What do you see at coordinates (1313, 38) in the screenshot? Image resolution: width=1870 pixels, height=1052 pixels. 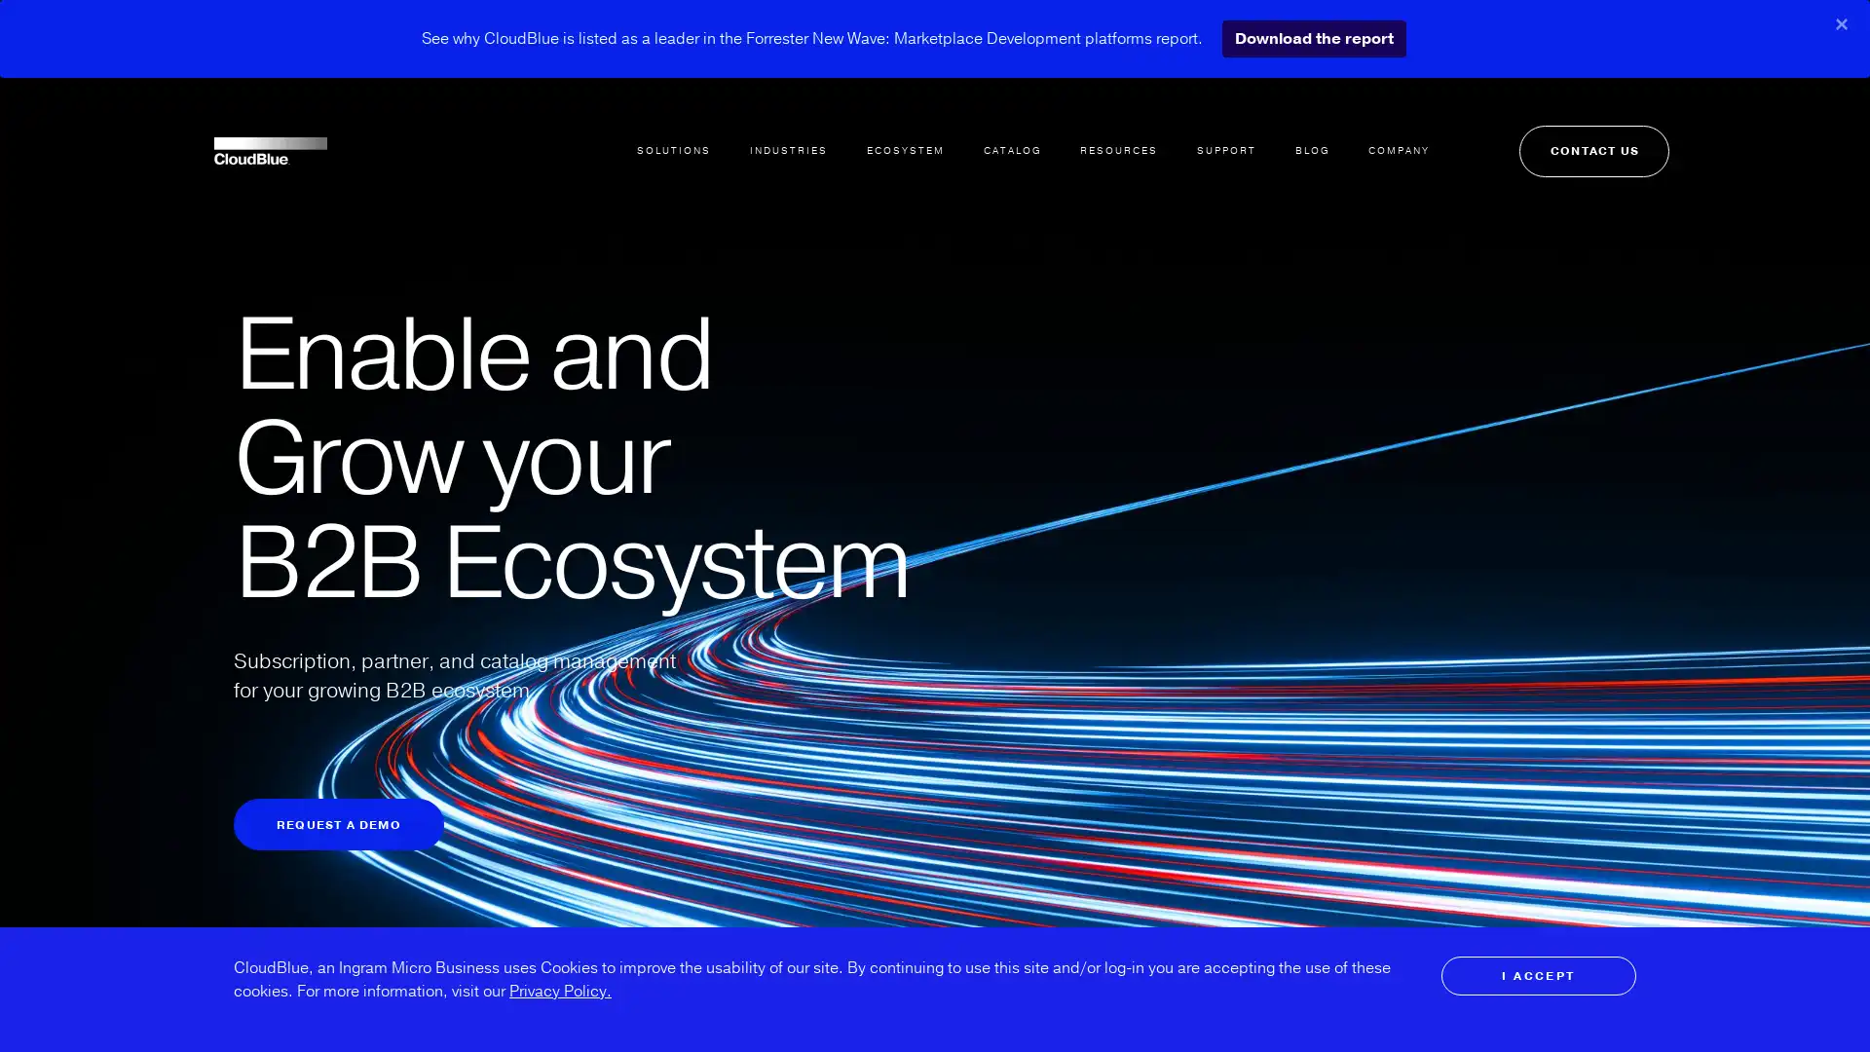 I see `Download the report` at bounding box center [1313, 38].